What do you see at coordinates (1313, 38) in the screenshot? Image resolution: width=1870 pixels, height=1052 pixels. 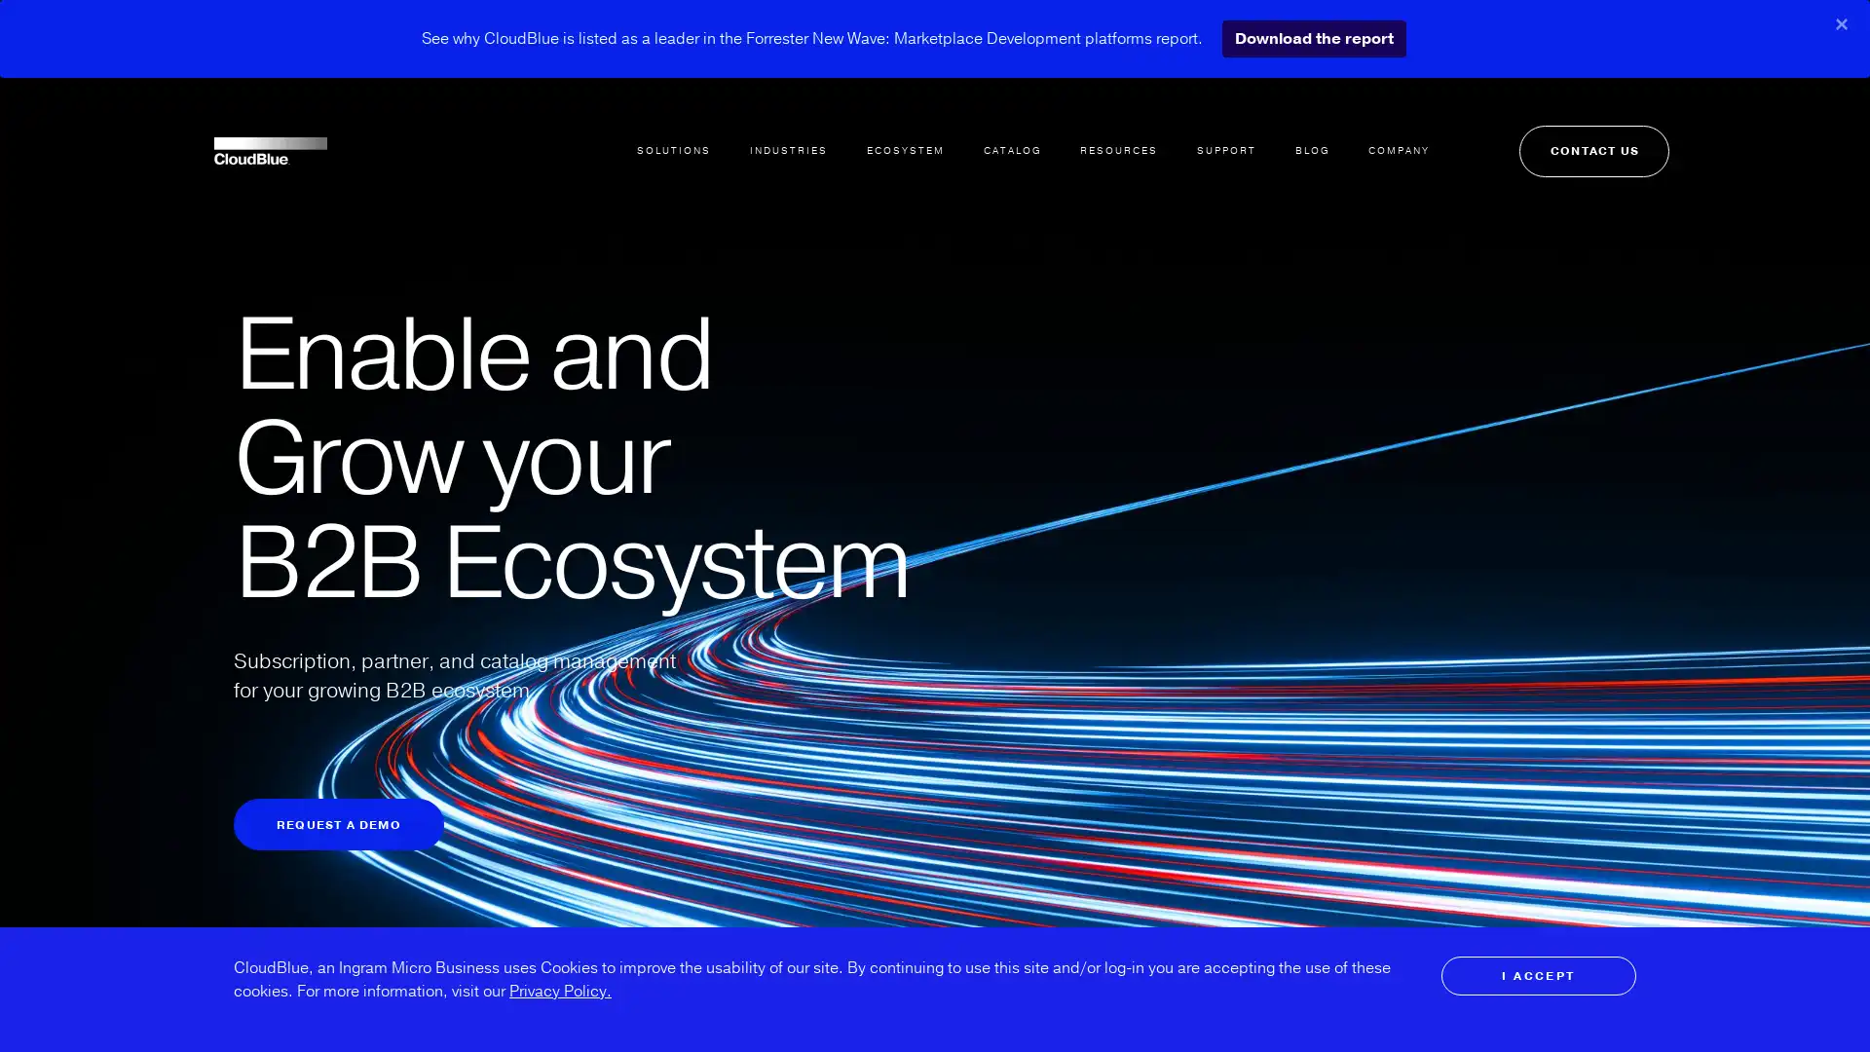 I see `Download the report` at bounding box center [1313, 38].